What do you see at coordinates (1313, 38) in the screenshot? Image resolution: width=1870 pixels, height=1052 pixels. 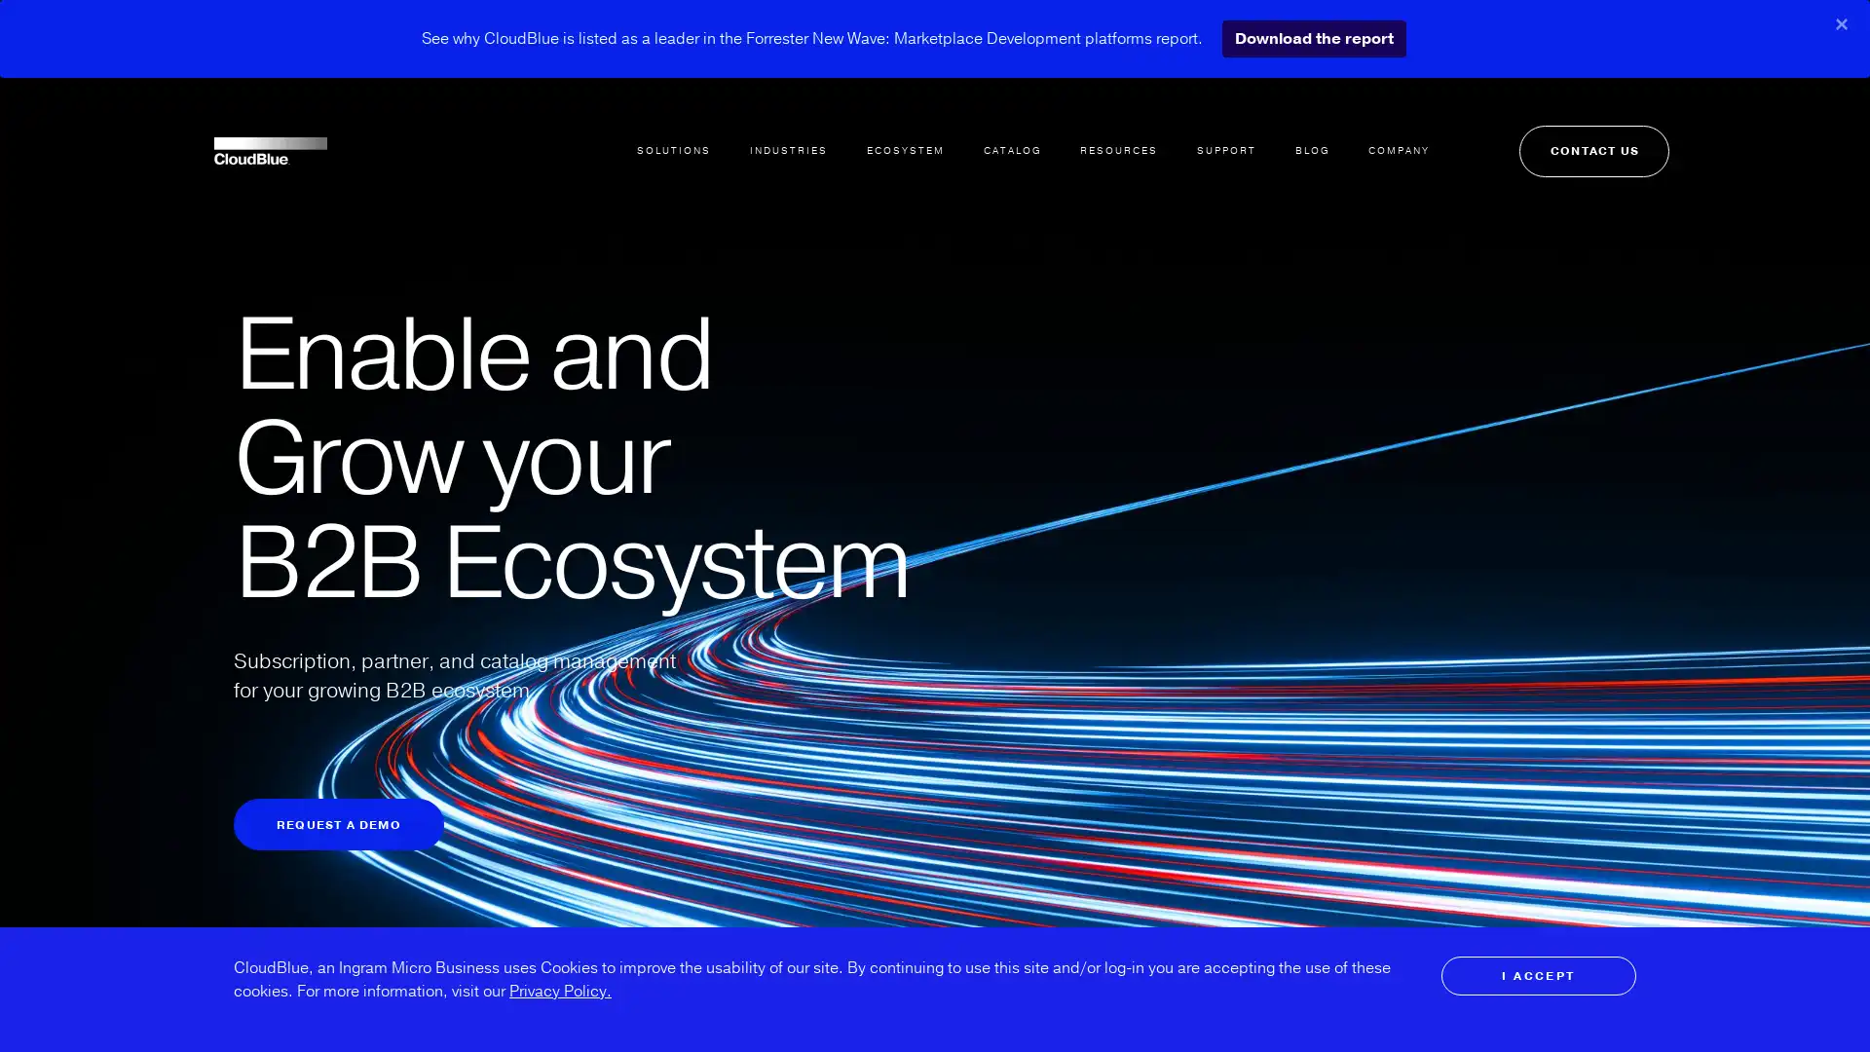 I see `Download the report` at bounding box center [1313, 38].